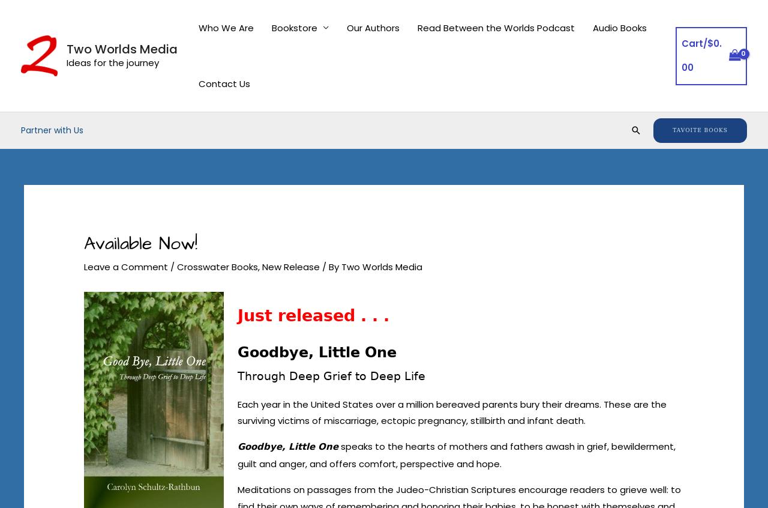  What do you see at coordinates (496, 27) in the screenshot?
I see `'Read Between the Worlds Podcast'` at bounding box center [496, 27].